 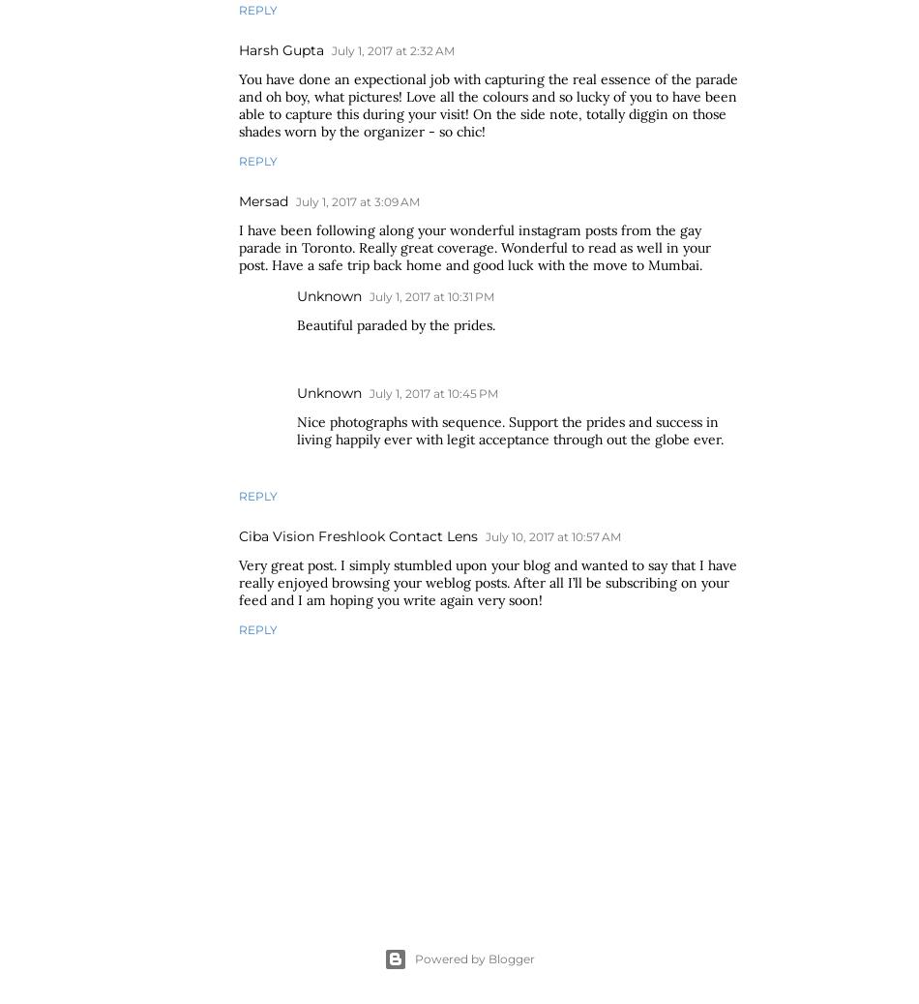 What do you see at coordinates (510, 429) in the screenshot?
I see `'Nice photographs with sequence. Support the prides and success in living happily ever with legit acceptance through out the globe ever.'` at bounding box center [510, 429].